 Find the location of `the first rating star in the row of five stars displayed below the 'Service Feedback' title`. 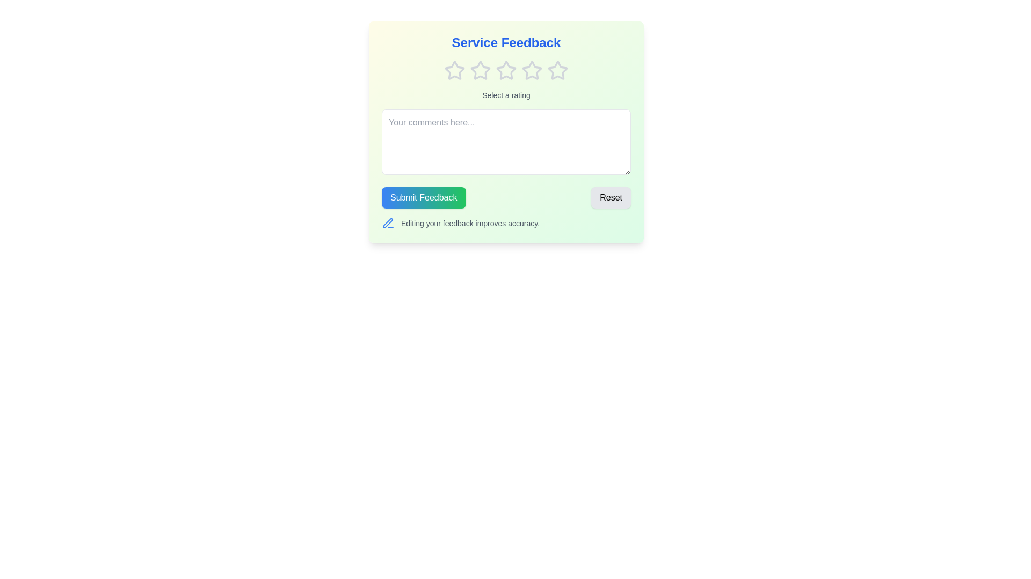

the first rating star in the row of five stars displayed below the 'Service Feedback' title is located at coordinates (454, 70).